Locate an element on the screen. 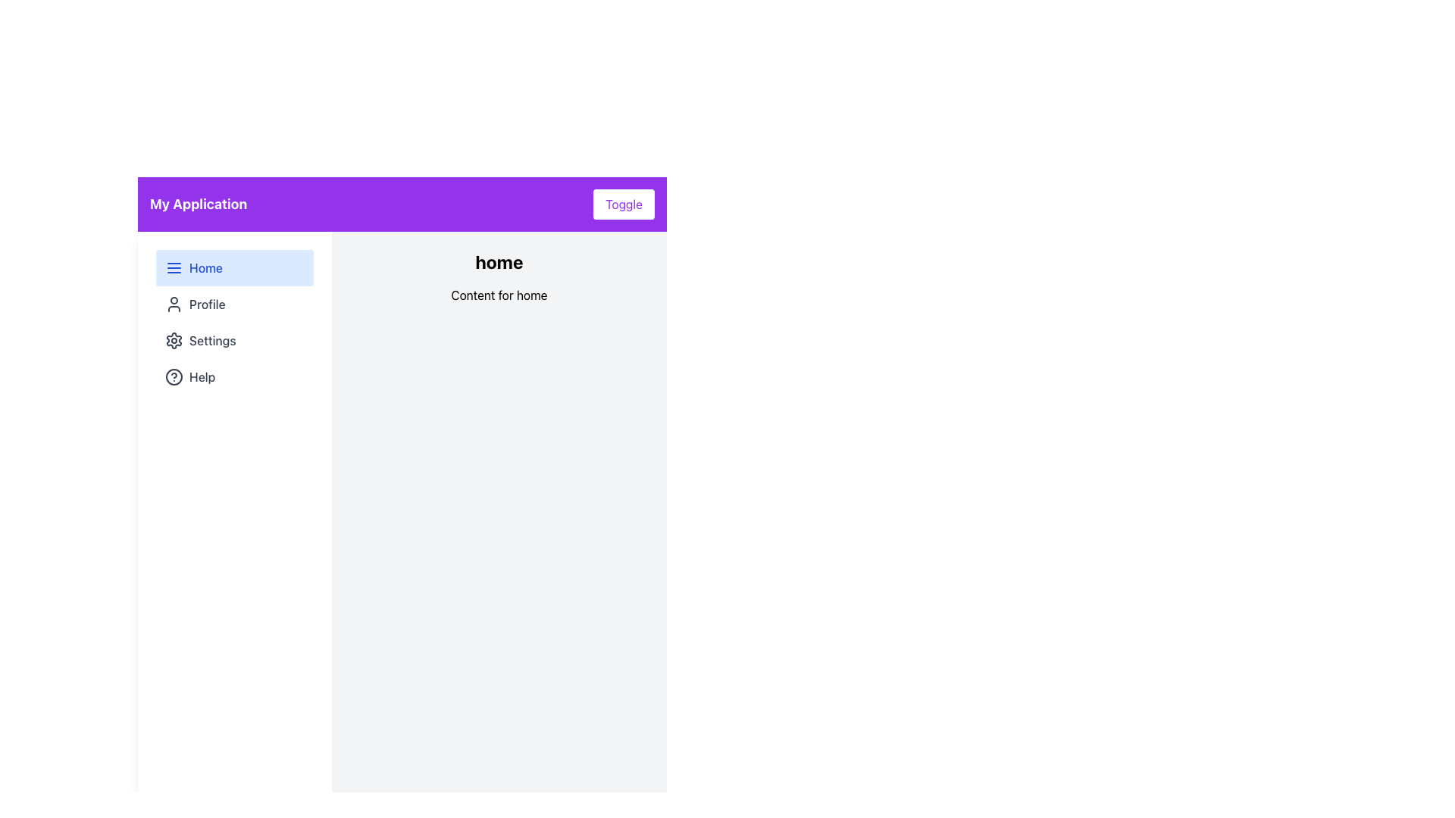  the 'Profile' text label in the sidebar, which is styled in gray and located between 'Home' and 'Settings' is located at coordinates (206, 304).